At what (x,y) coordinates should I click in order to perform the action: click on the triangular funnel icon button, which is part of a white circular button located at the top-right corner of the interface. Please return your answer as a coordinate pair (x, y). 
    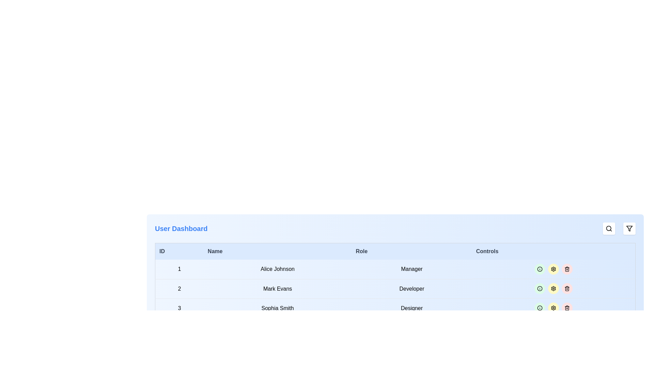
    Looking at the image, I should click on (629, 229).